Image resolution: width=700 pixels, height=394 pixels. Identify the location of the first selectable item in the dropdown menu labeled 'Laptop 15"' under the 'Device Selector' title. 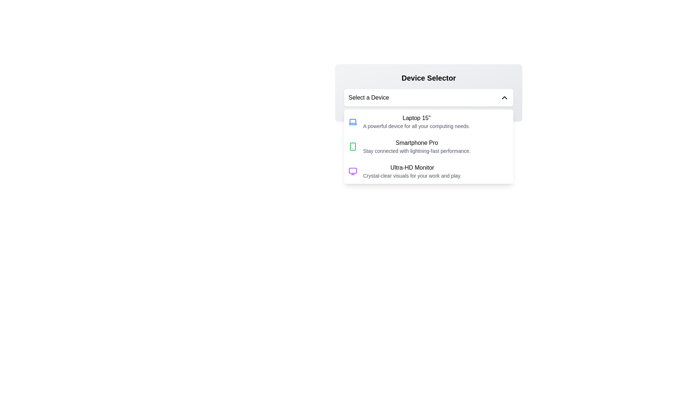
(416, 121).